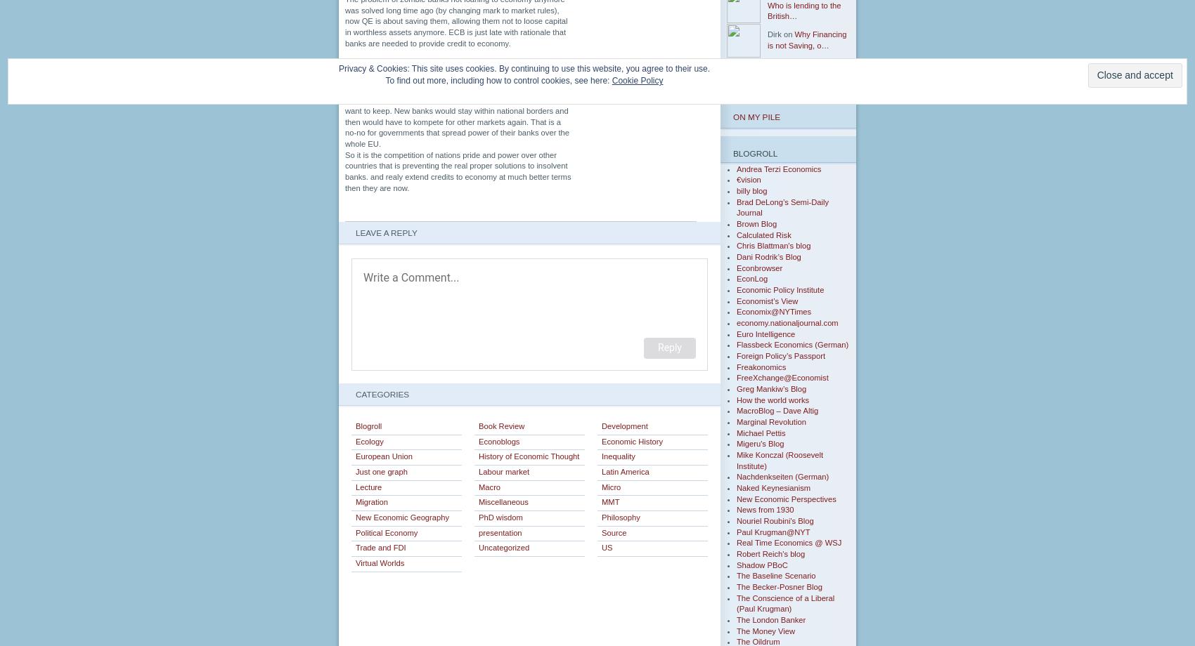 The image size is (1195, 646). What do you see at coordinates (736, 310) in the screenshot?
I see `'Economix@NYTimes'` at bounding box center [736, 310].